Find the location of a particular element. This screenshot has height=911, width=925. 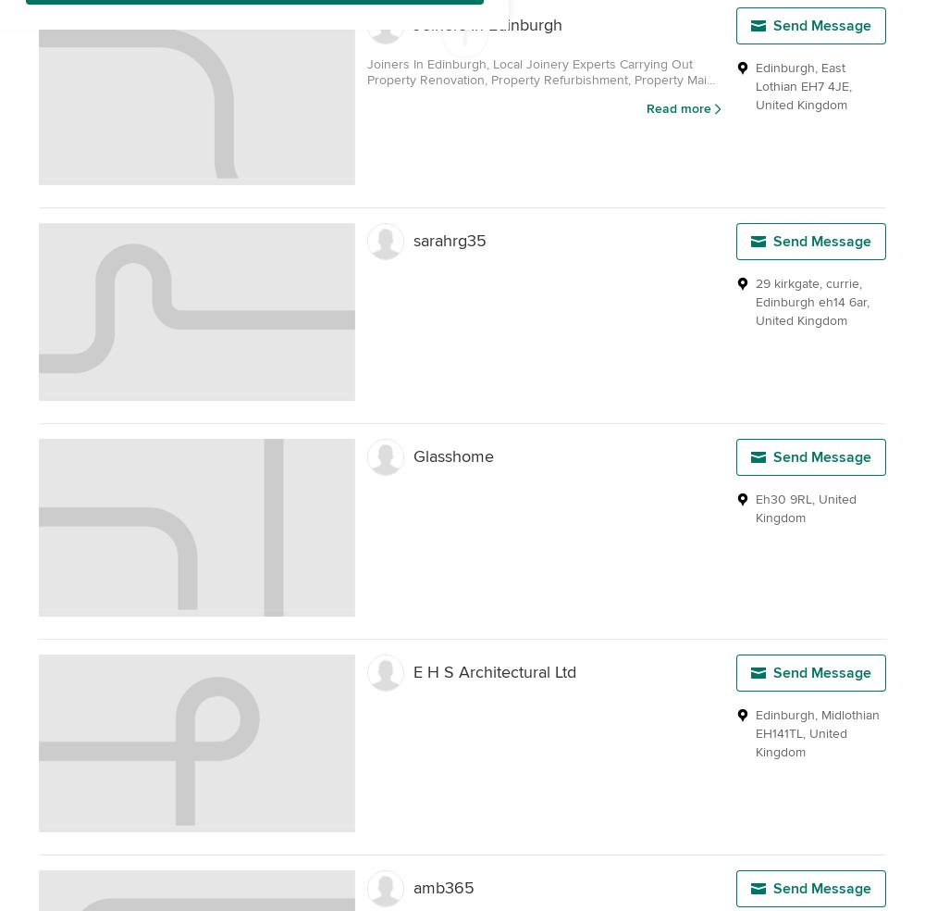

'Midlothian' is located at coordinates (850, 714).